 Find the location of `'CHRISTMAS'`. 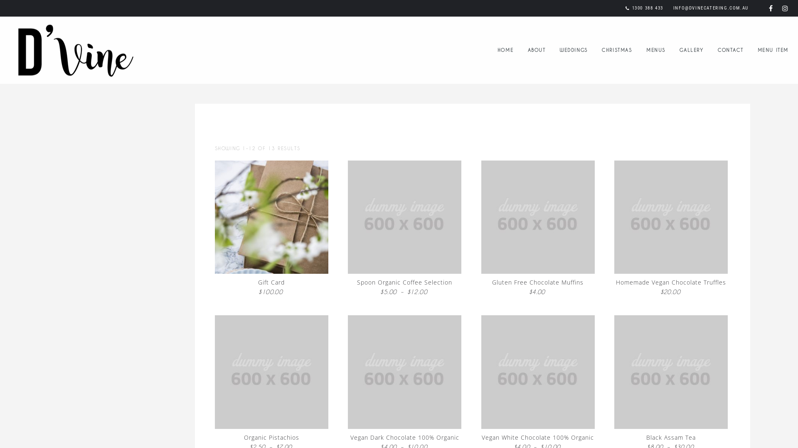

'CHRISTMAS' is located at coordinates (616, 49).